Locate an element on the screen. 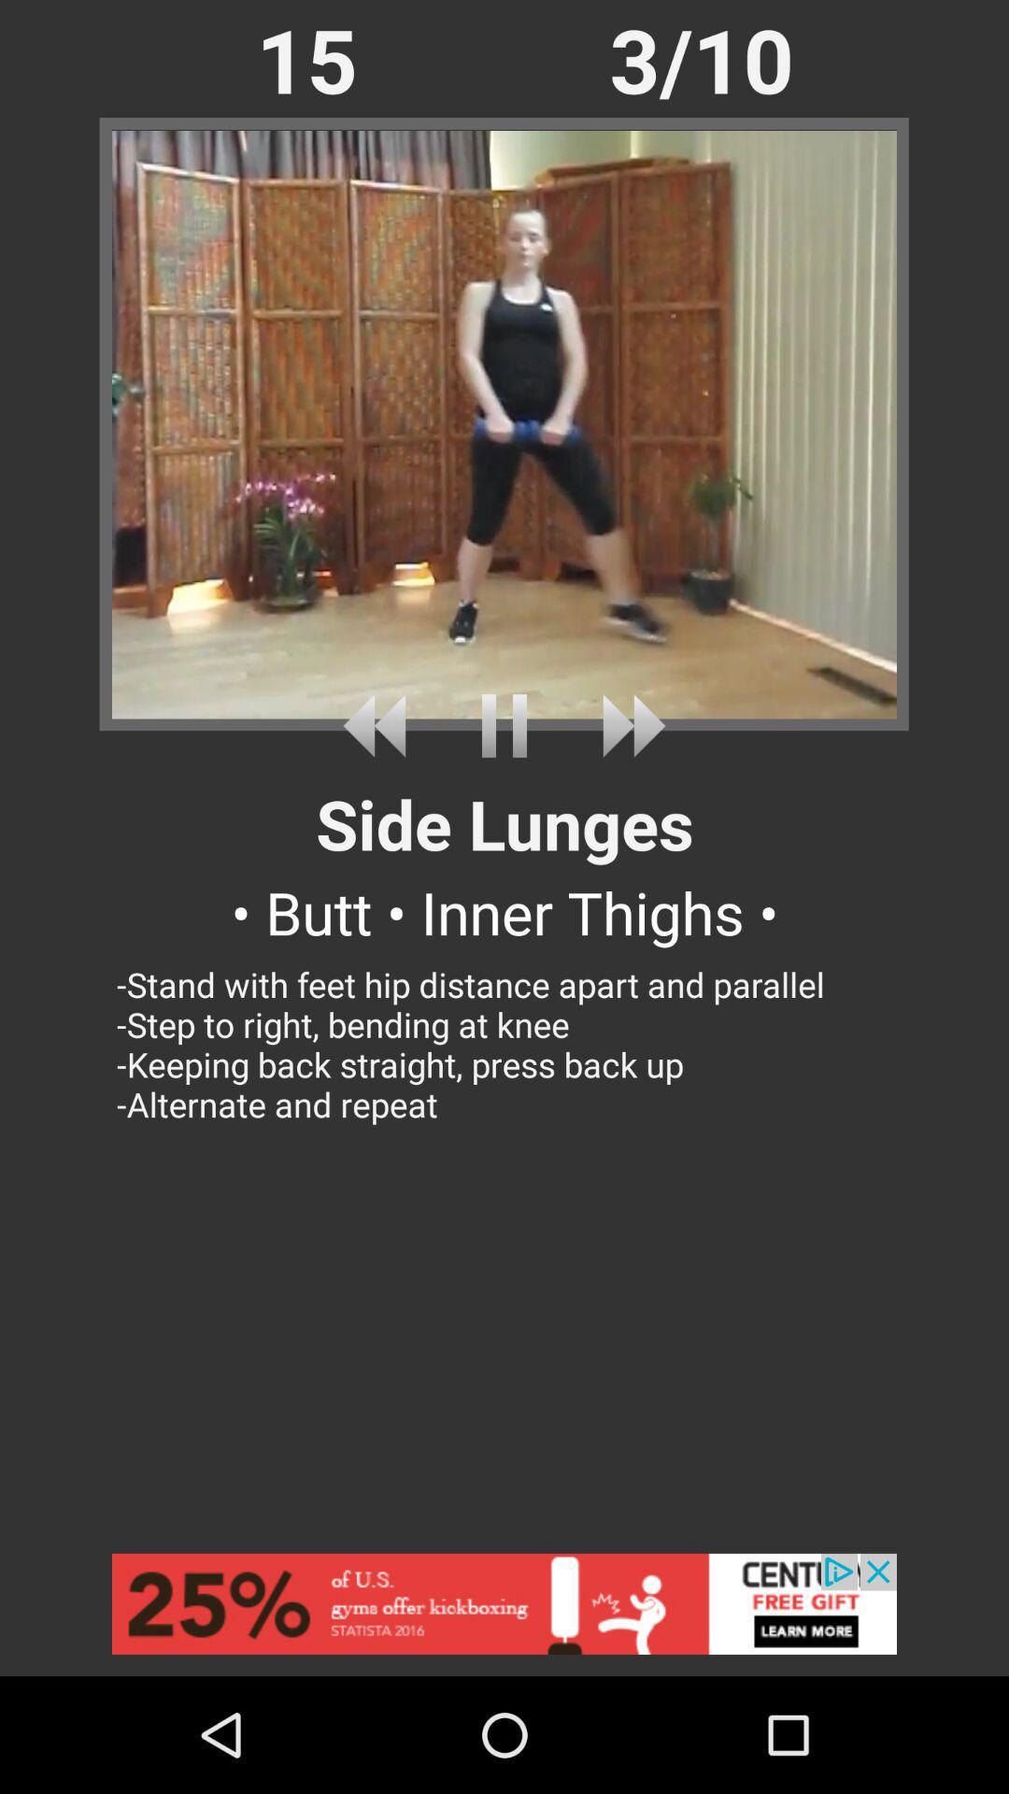 The width and height of the screenshot is (1009, 1794). goto next is located at coordinates (627, 725).